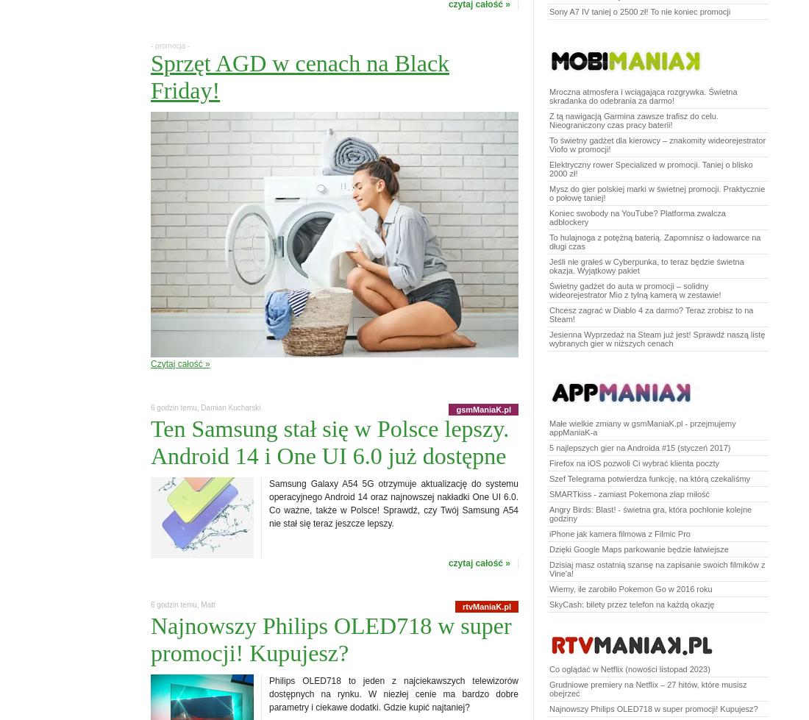 The height and width of the screenshot is (720, 809). I want to click on 'SkyCash: bilety przez telefon na każdą okazję', so click(630, 603).